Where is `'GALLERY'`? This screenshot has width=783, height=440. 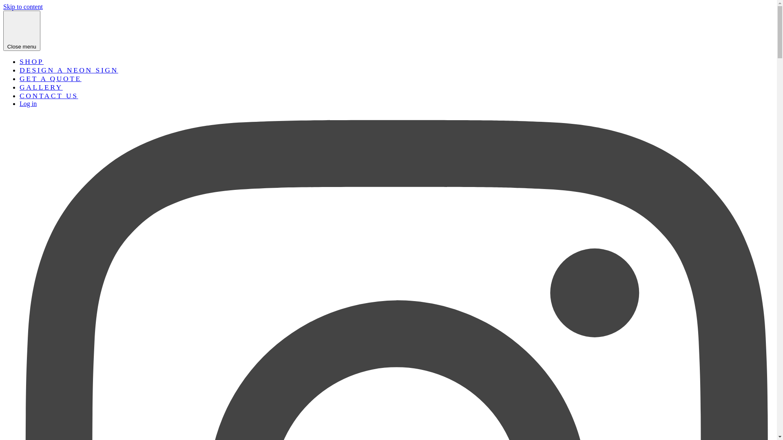 'GALLERY' is located at coordinates (40, 87).